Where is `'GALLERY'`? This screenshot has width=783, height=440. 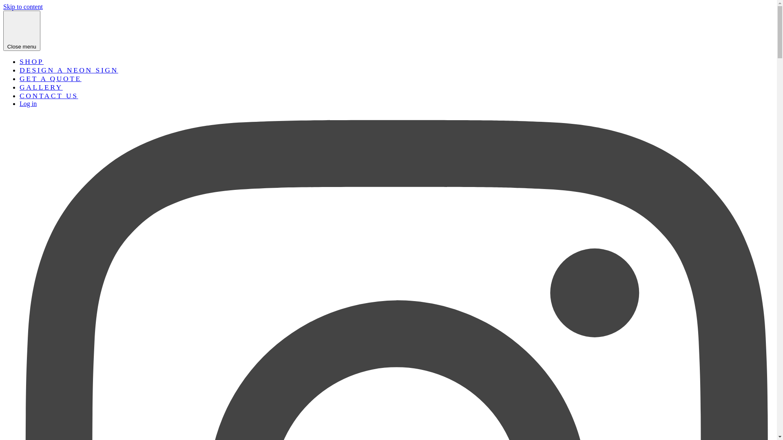 'GALLERY' is located at coordinates (40, 87).